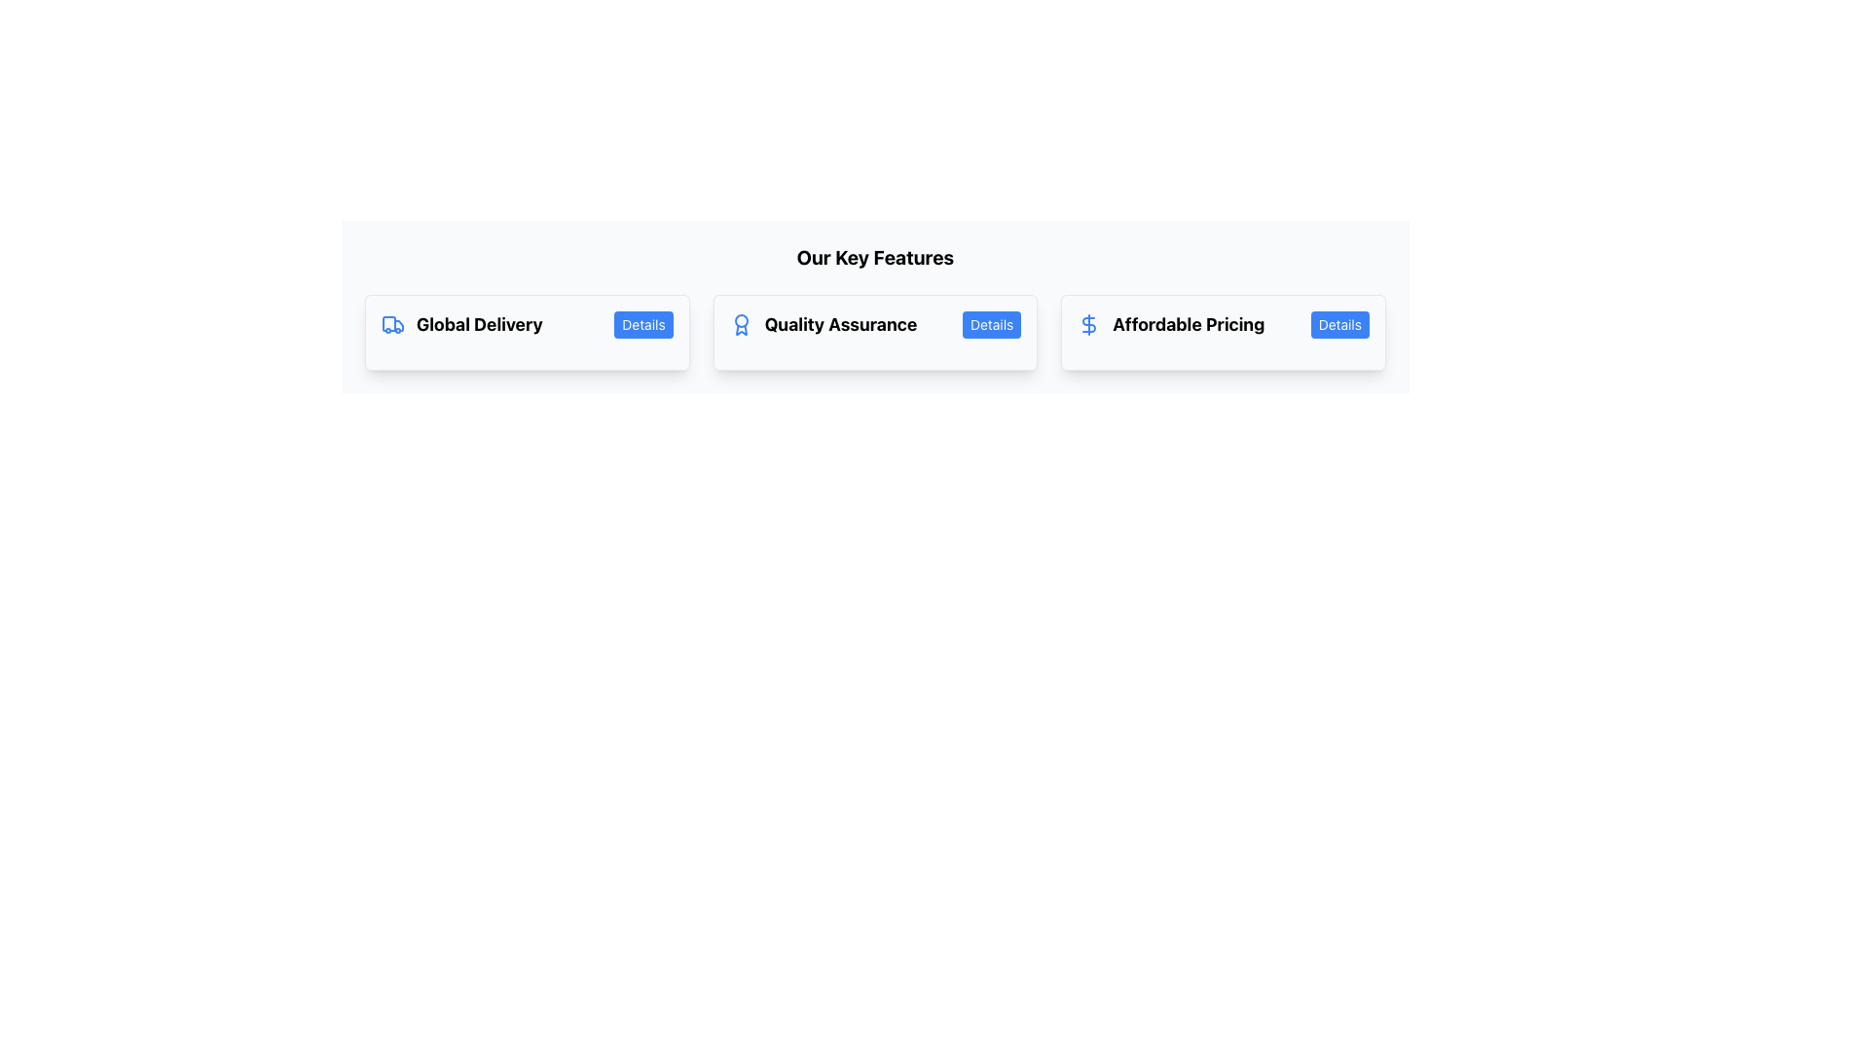  I want to click on the button located on the right side under the heading 'Global Delivery', so click(643, 324).